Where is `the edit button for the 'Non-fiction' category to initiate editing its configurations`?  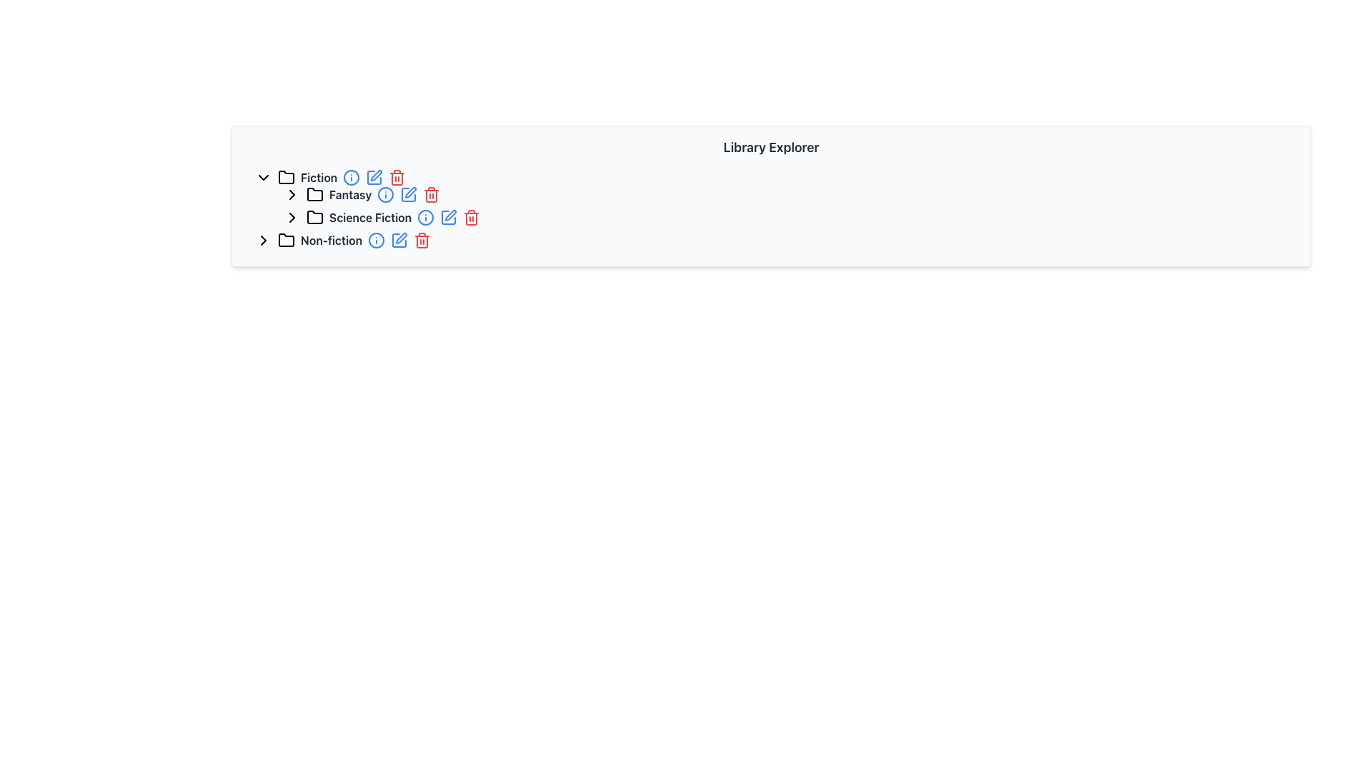 the edit button for the 'Non-fiction' category to initiate editing its configurations is located at coordinates (399, 239).